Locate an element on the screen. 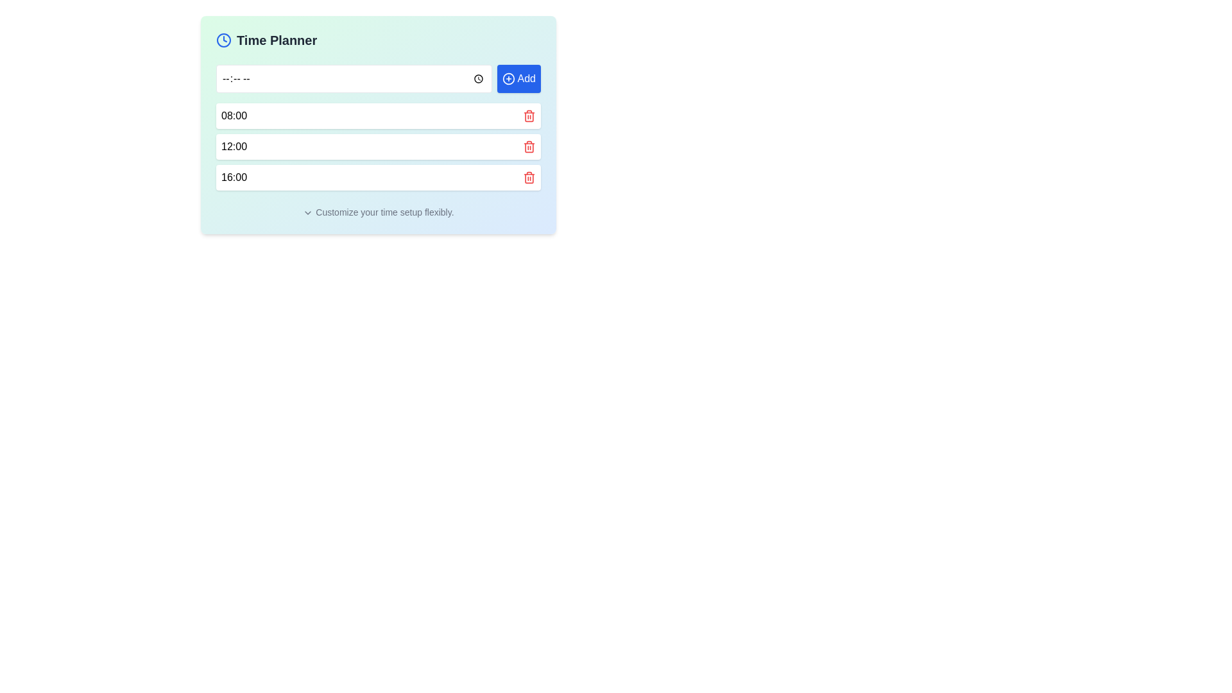  the main body of the trash icon, which visually represents the delete option located adjacent to time entries on the right side is located at coordinates (529, 147).